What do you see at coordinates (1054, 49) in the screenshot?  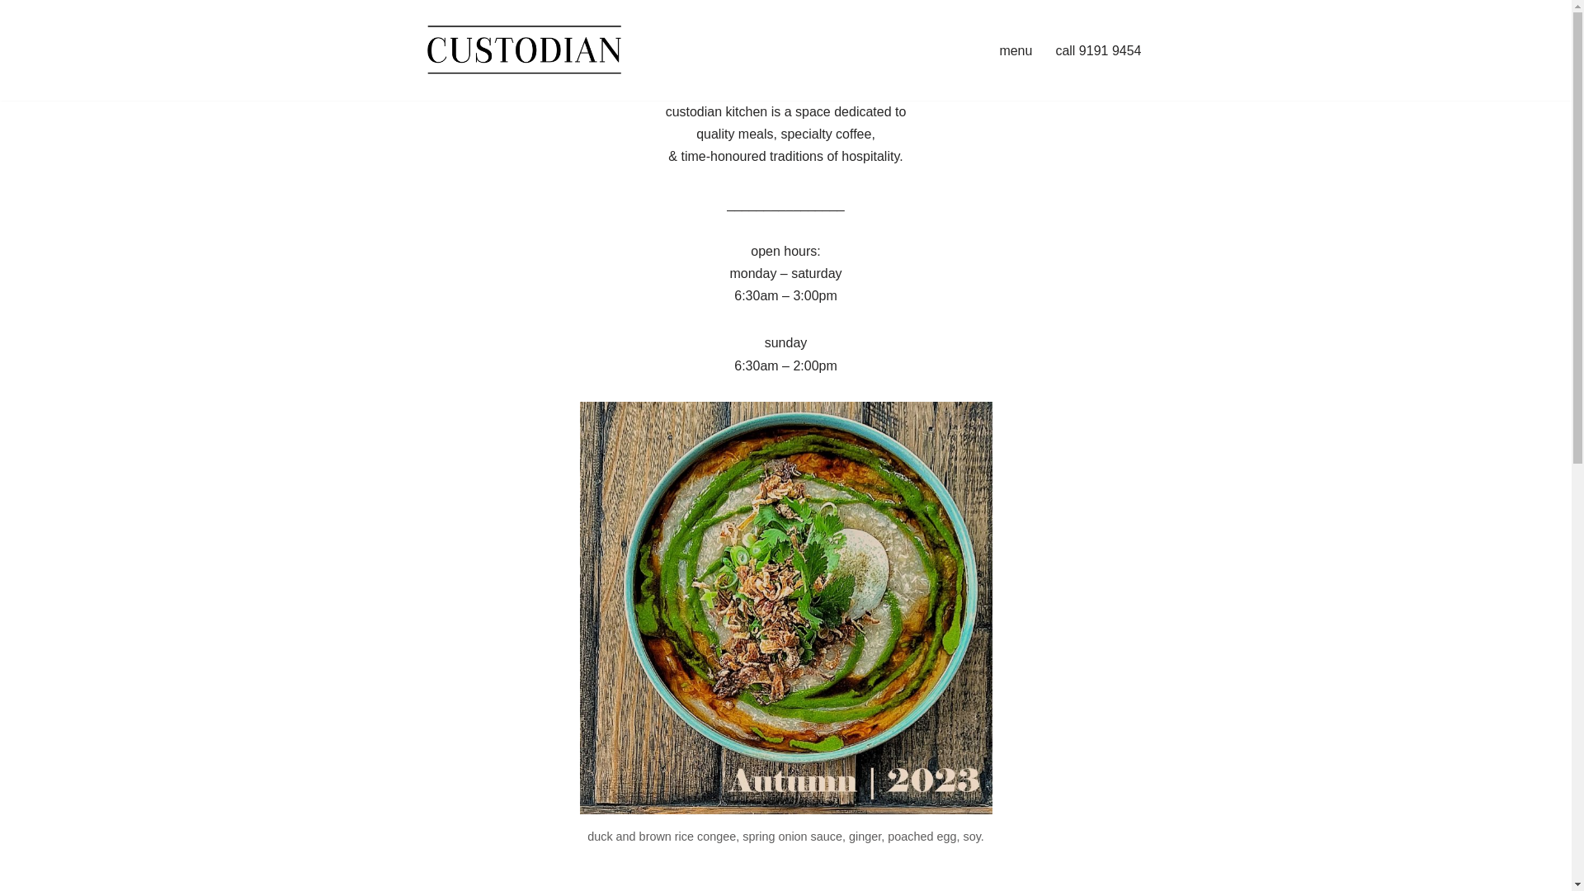 I see `'call 9191 9454'` at bounding box center [1054, 49].